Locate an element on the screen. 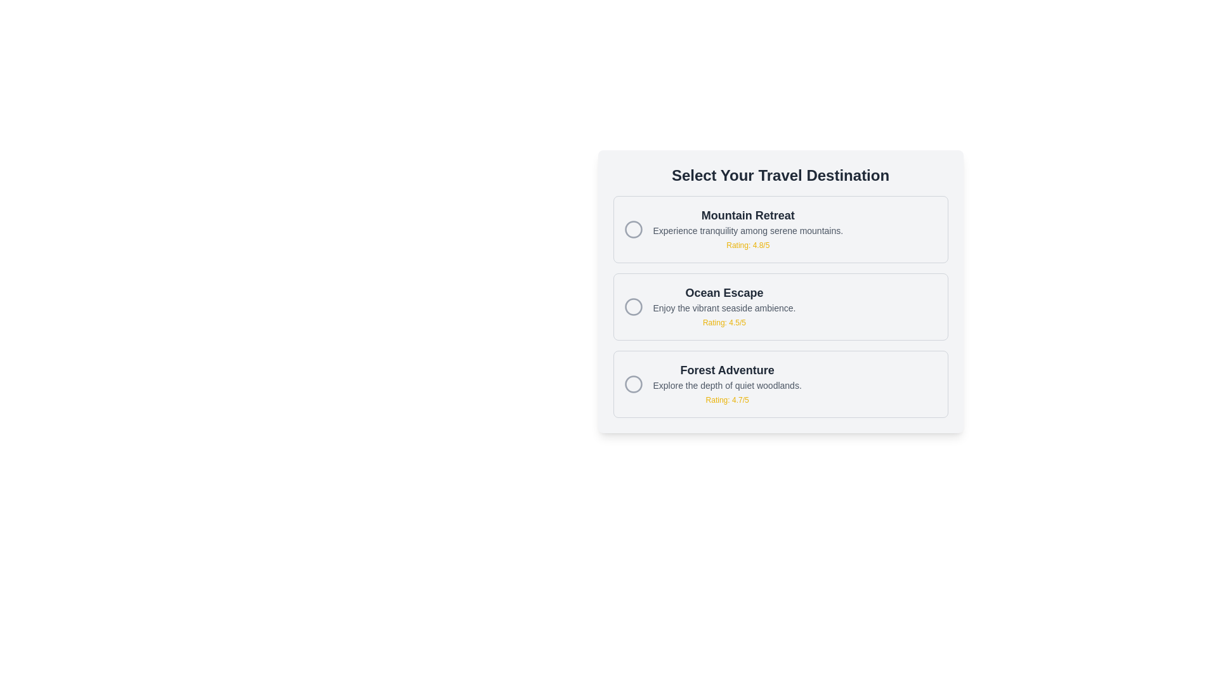  the text label that serves as the title of the second travel option, which provides the name of the destination above the description 'Enjoy the vibrant seaside ambience.' and is associated with the rating '4.5/5' is located at coordinates (724, 293).